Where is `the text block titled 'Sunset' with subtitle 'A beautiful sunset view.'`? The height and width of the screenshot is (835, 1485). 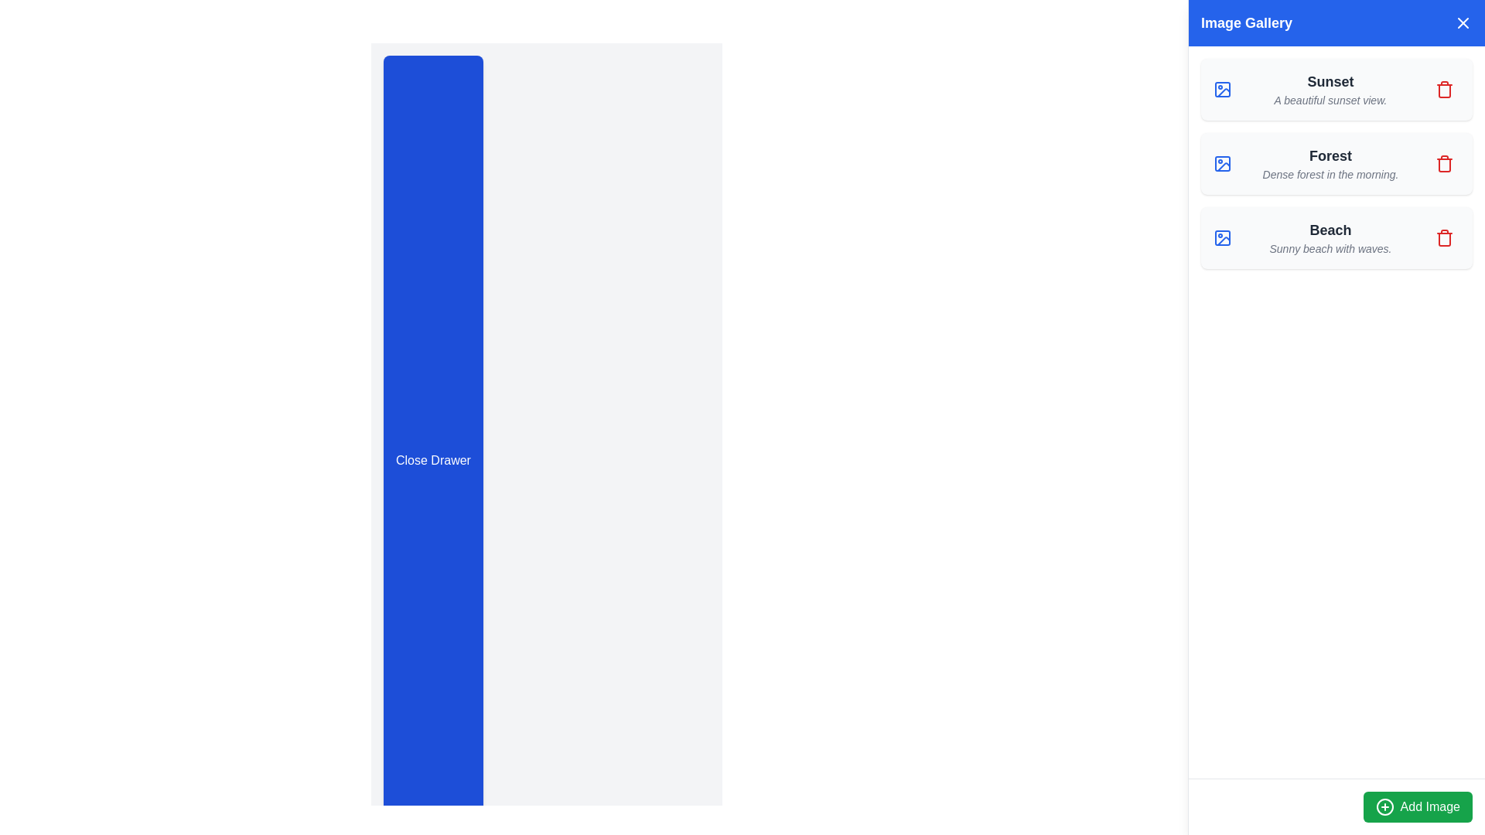 the text block titled 'Sunset' with subtitle 'A beautiful sunset view.' is located at coordinates (1330, 89).